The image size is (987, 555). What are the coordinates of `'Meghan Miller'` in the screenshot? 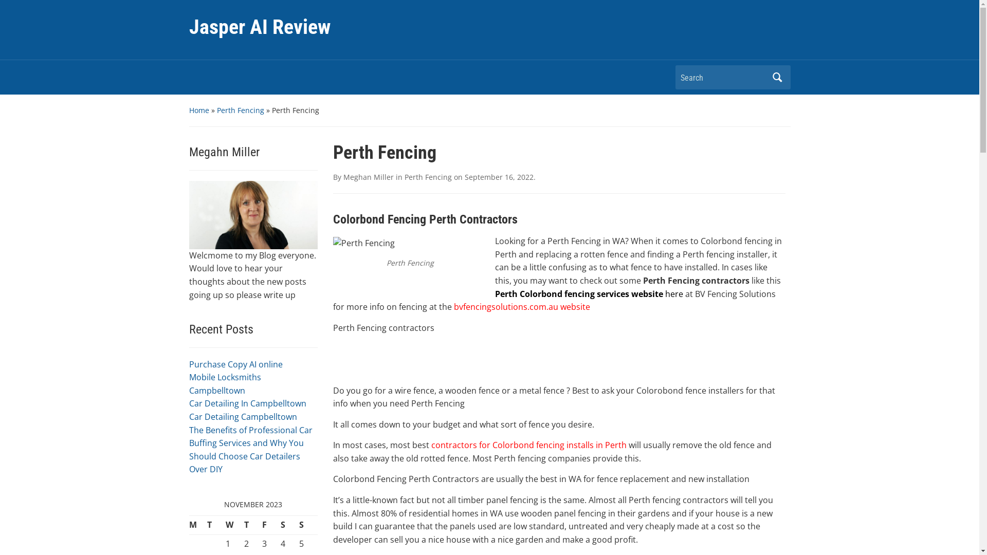 It's located at (368, 176).